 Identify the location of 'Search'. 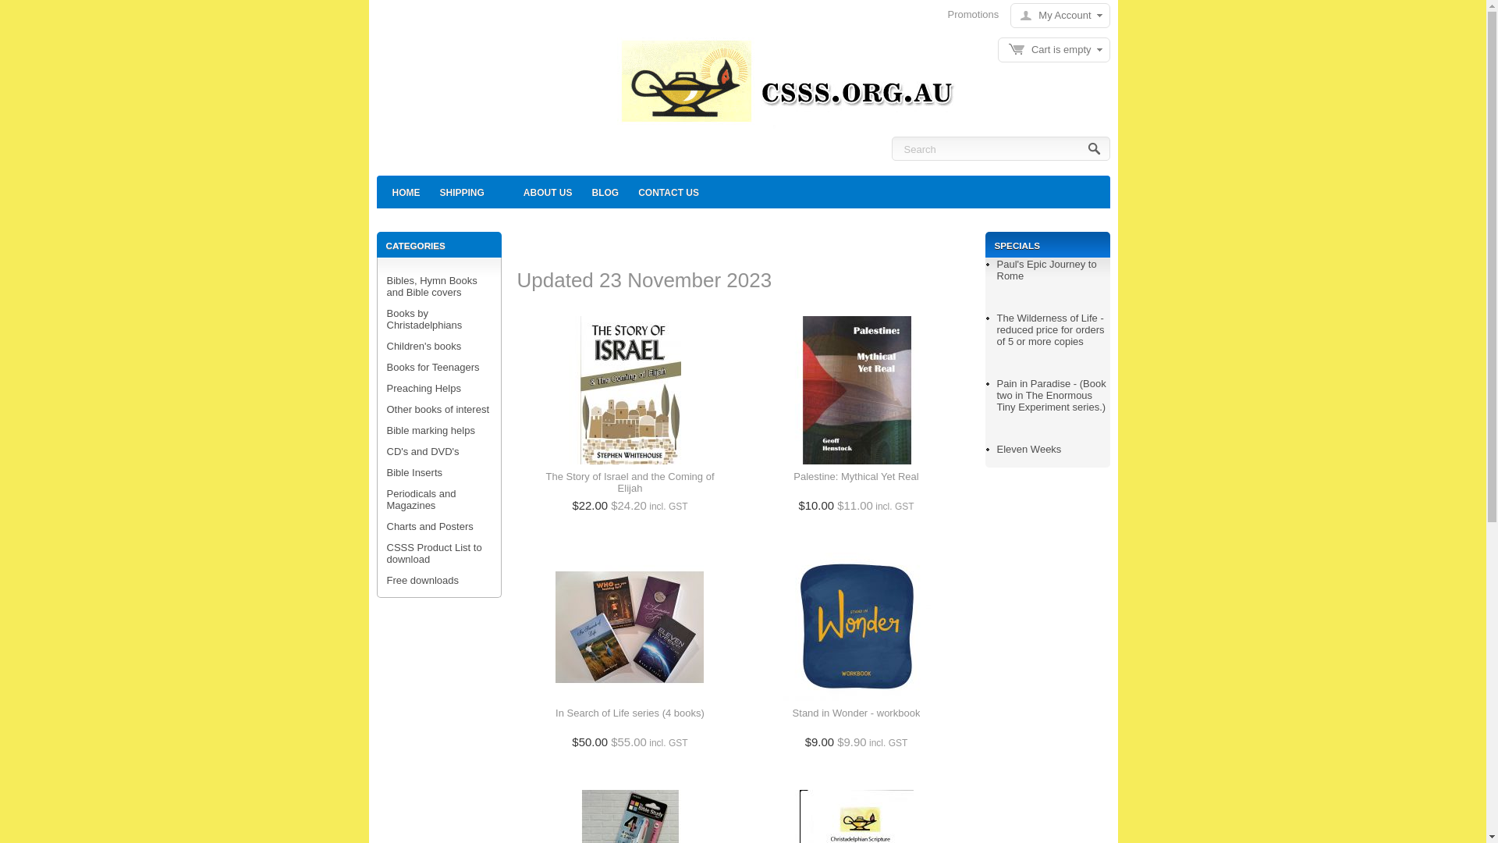
(1094, 149).